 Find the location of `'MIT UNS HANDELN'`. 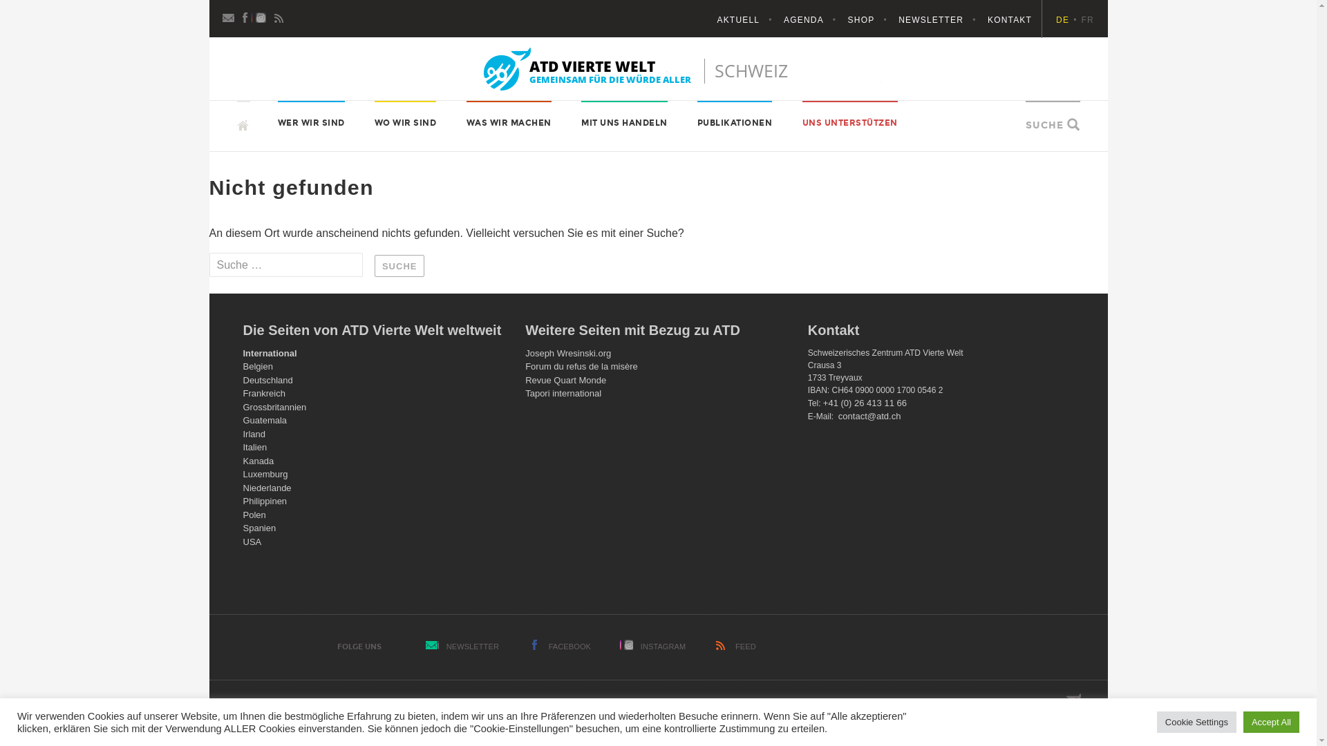

'MIT UNS HANDELN' is located at coordinates (623, 122).